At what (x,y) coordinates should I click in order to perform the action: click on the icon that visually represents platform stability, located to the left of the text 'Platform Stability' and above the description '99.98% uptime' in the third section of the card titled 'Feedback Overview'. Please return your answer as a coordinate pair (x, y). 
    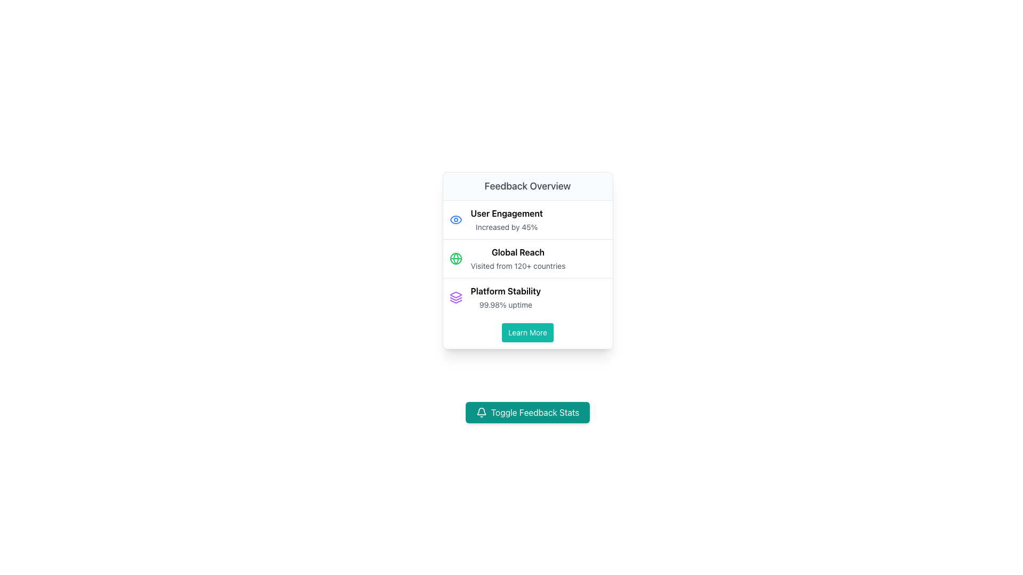
    Looking at the image, I should click on (456, 298).